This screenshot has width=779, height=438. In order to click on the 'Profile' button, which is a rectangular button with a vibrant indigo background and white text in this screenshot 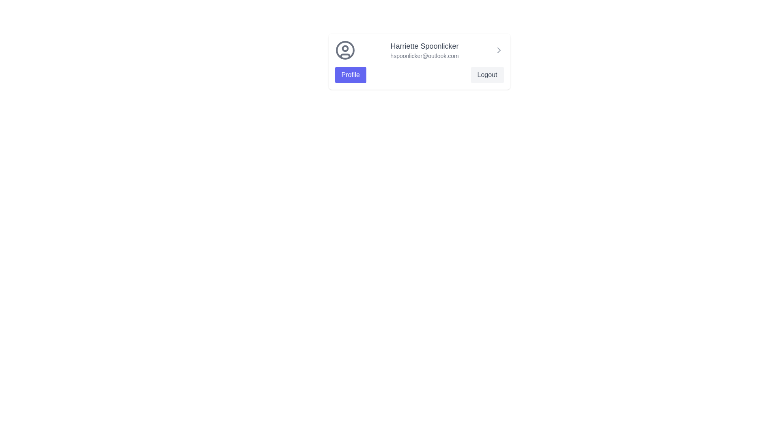, I will do `click(351, 75)`.